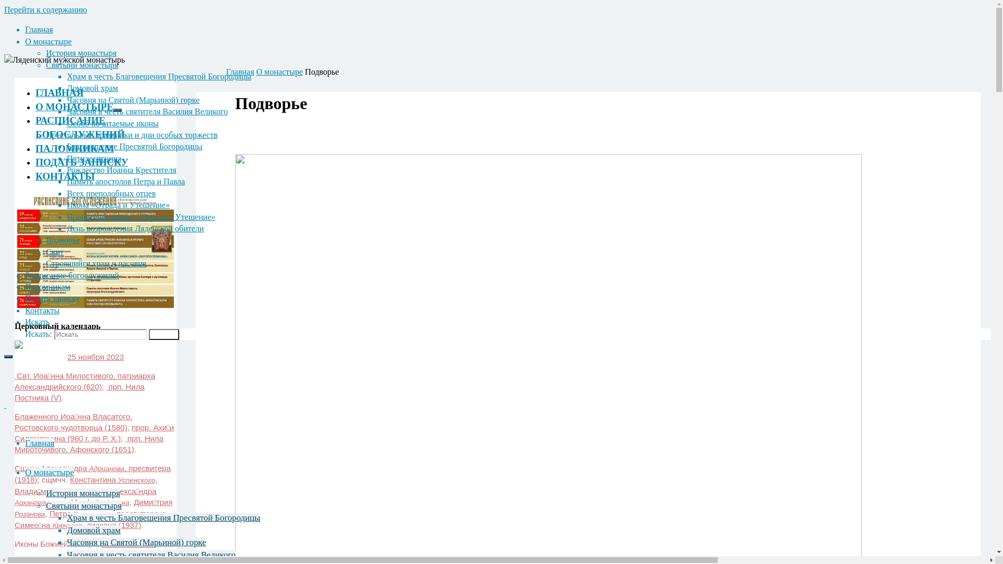 The height and width of the screenshot is (564, 1003). Describe the element at coordinates (4, 404) in the screenshot. I see `' '` at that location.